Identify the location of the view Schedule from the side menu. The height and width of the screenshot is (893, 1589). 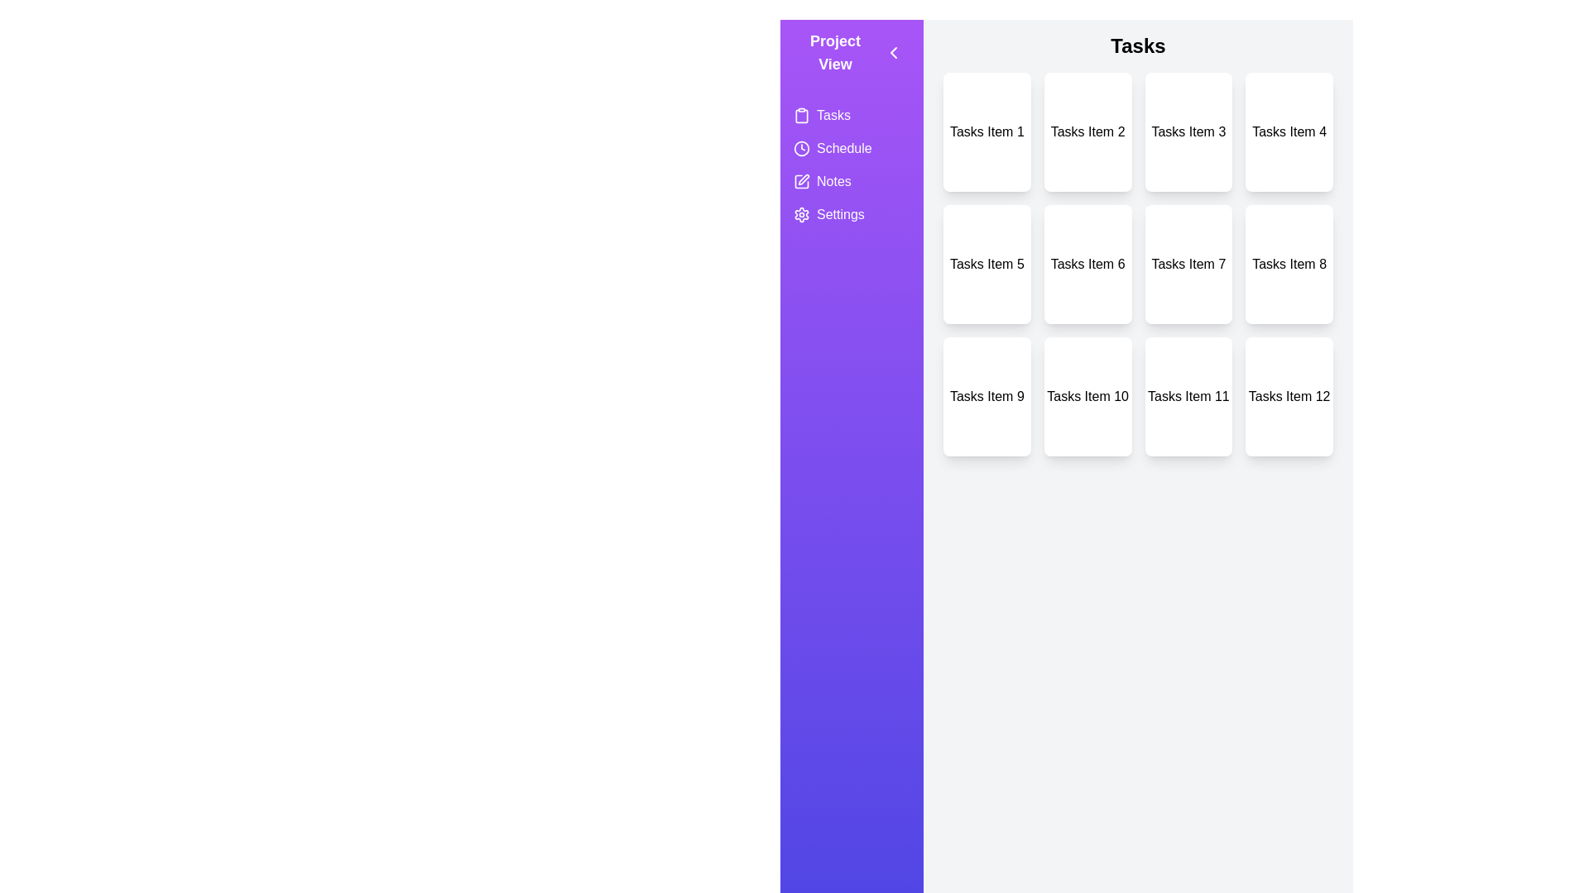
(852, 149).